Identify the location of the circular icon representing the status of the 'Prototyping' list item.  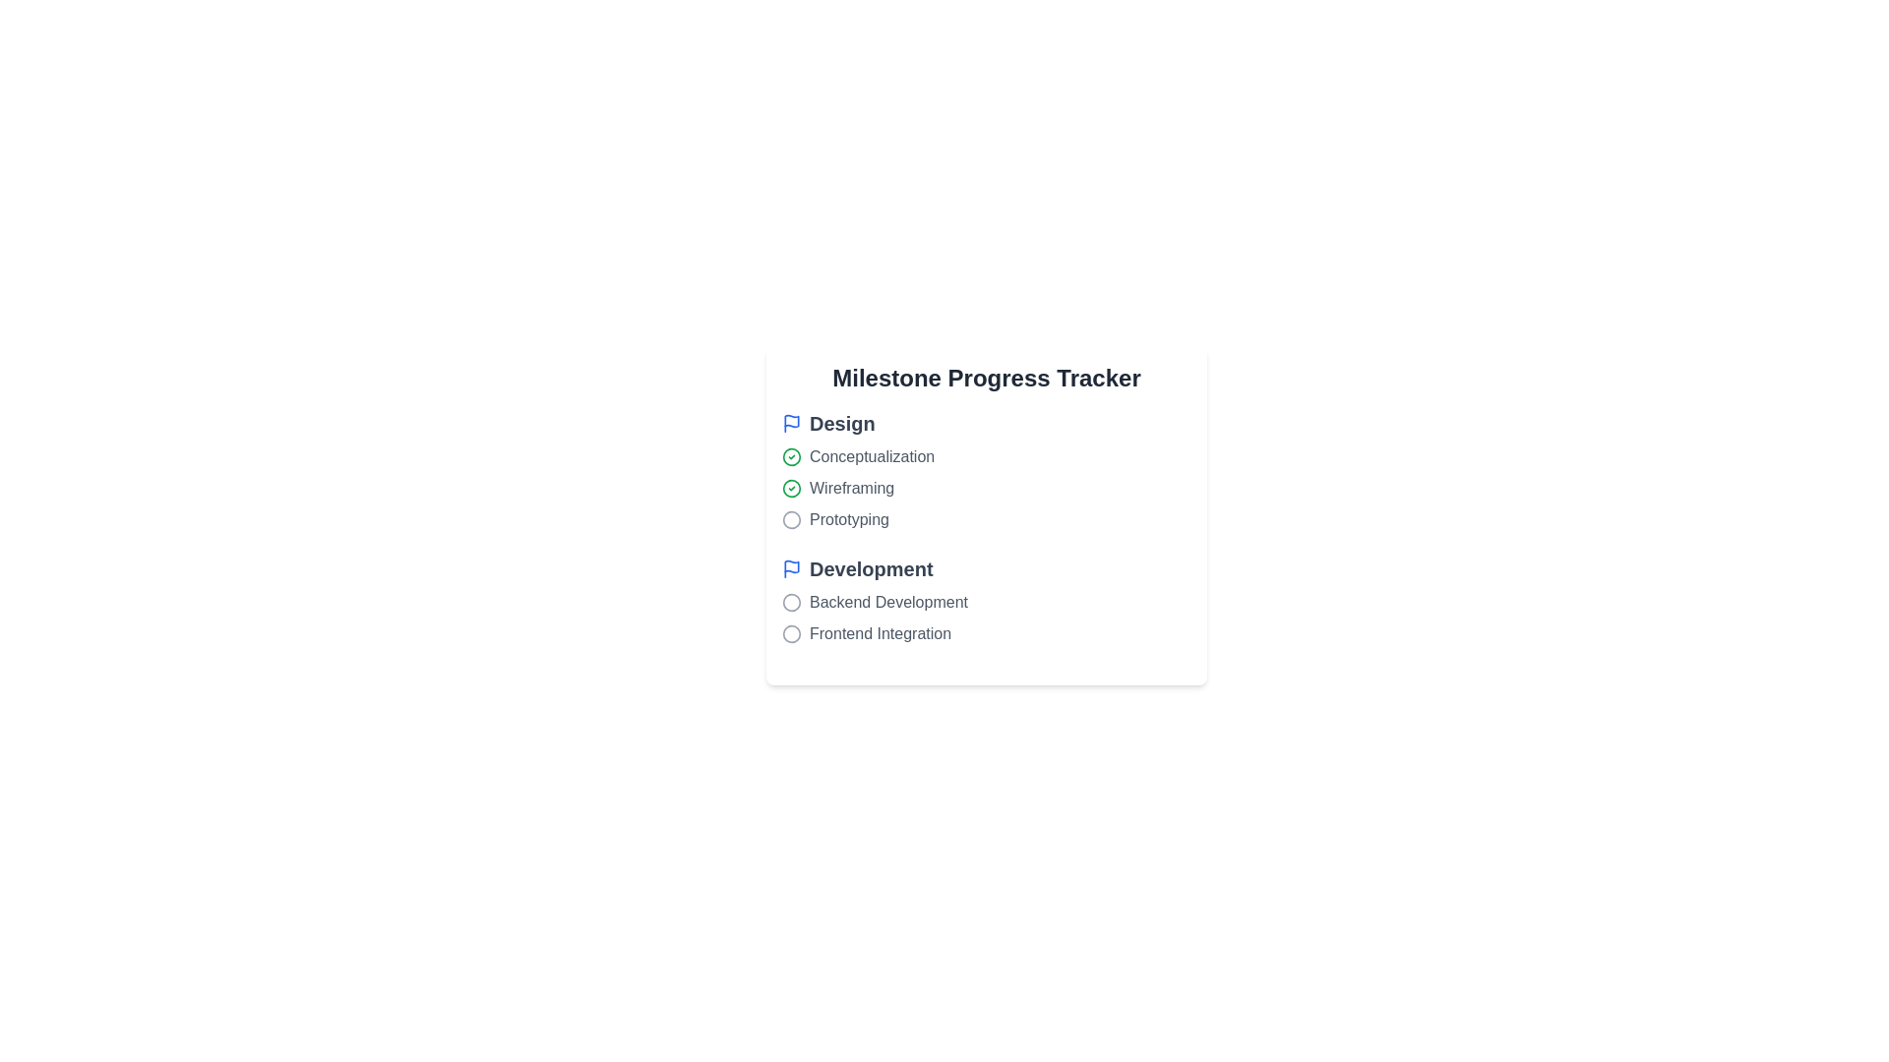
(792, 518).